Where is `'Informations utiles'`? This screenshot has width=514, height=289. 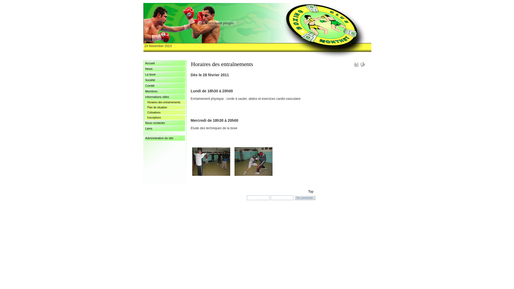 'Informations utiles' is located at coordinates (164, 97).